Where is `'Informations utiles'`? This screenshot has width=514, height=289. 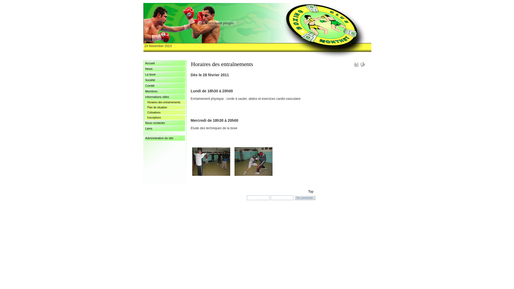 'Informations utiles' is located at coordinates (164, 97).